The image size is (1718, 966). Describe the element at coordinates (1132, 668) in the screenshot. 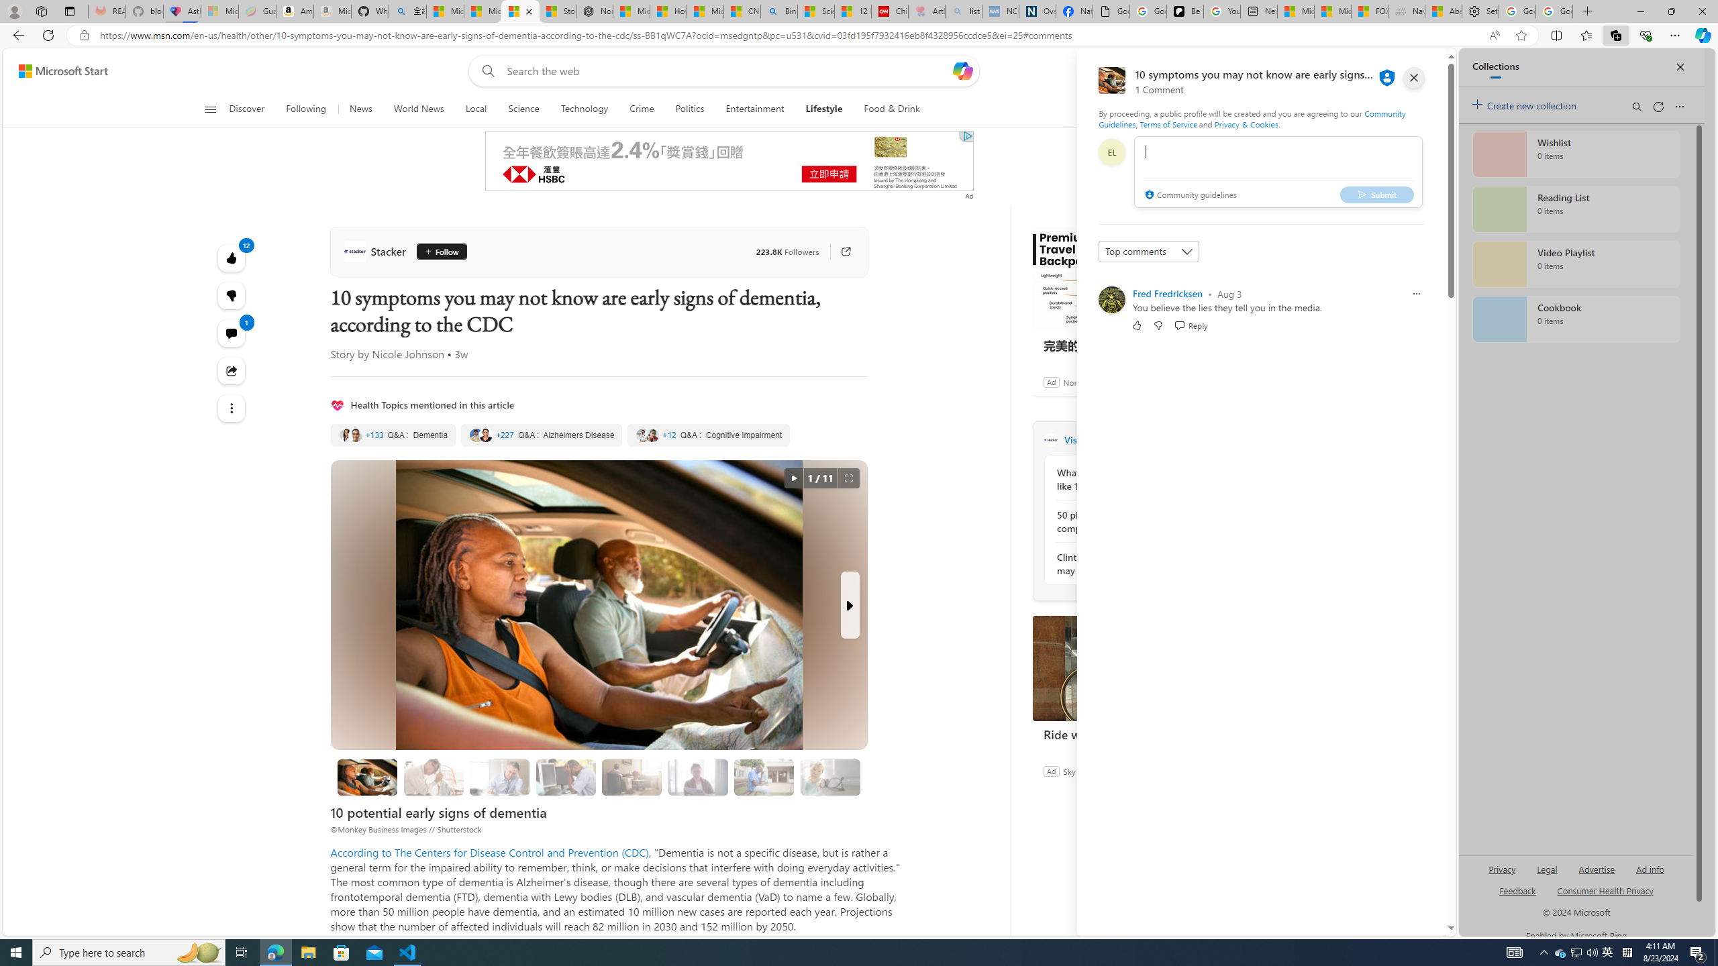

I see `'Ride with Experts'` at that location.